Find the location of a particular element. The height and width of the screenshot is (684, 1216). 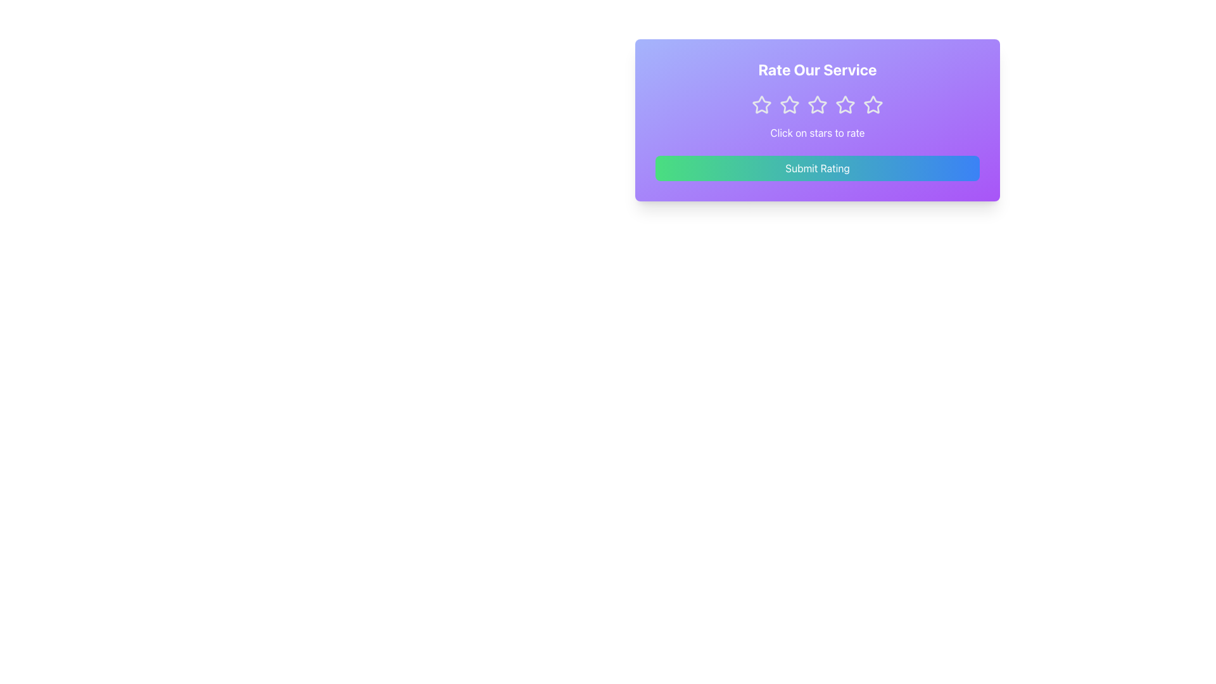

the fourth star-shaped icon filled with light purple color in the 'Rate Our Service' card is located at coordinates (845, 104).